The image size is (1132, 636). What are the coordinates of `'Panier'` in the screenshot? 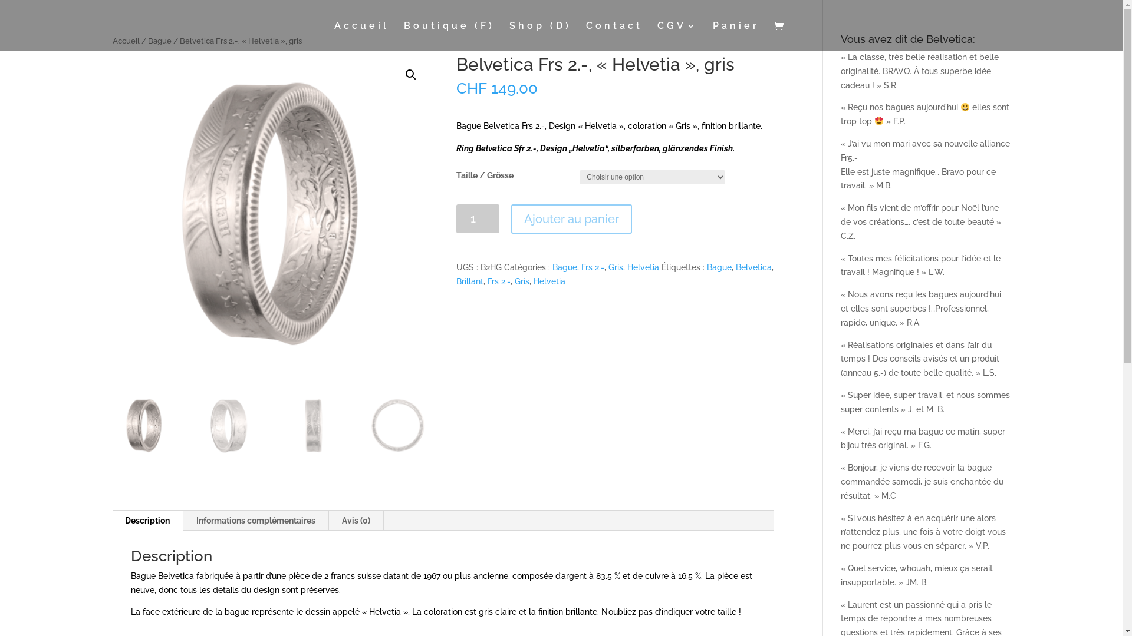 It's located at (735, 35).